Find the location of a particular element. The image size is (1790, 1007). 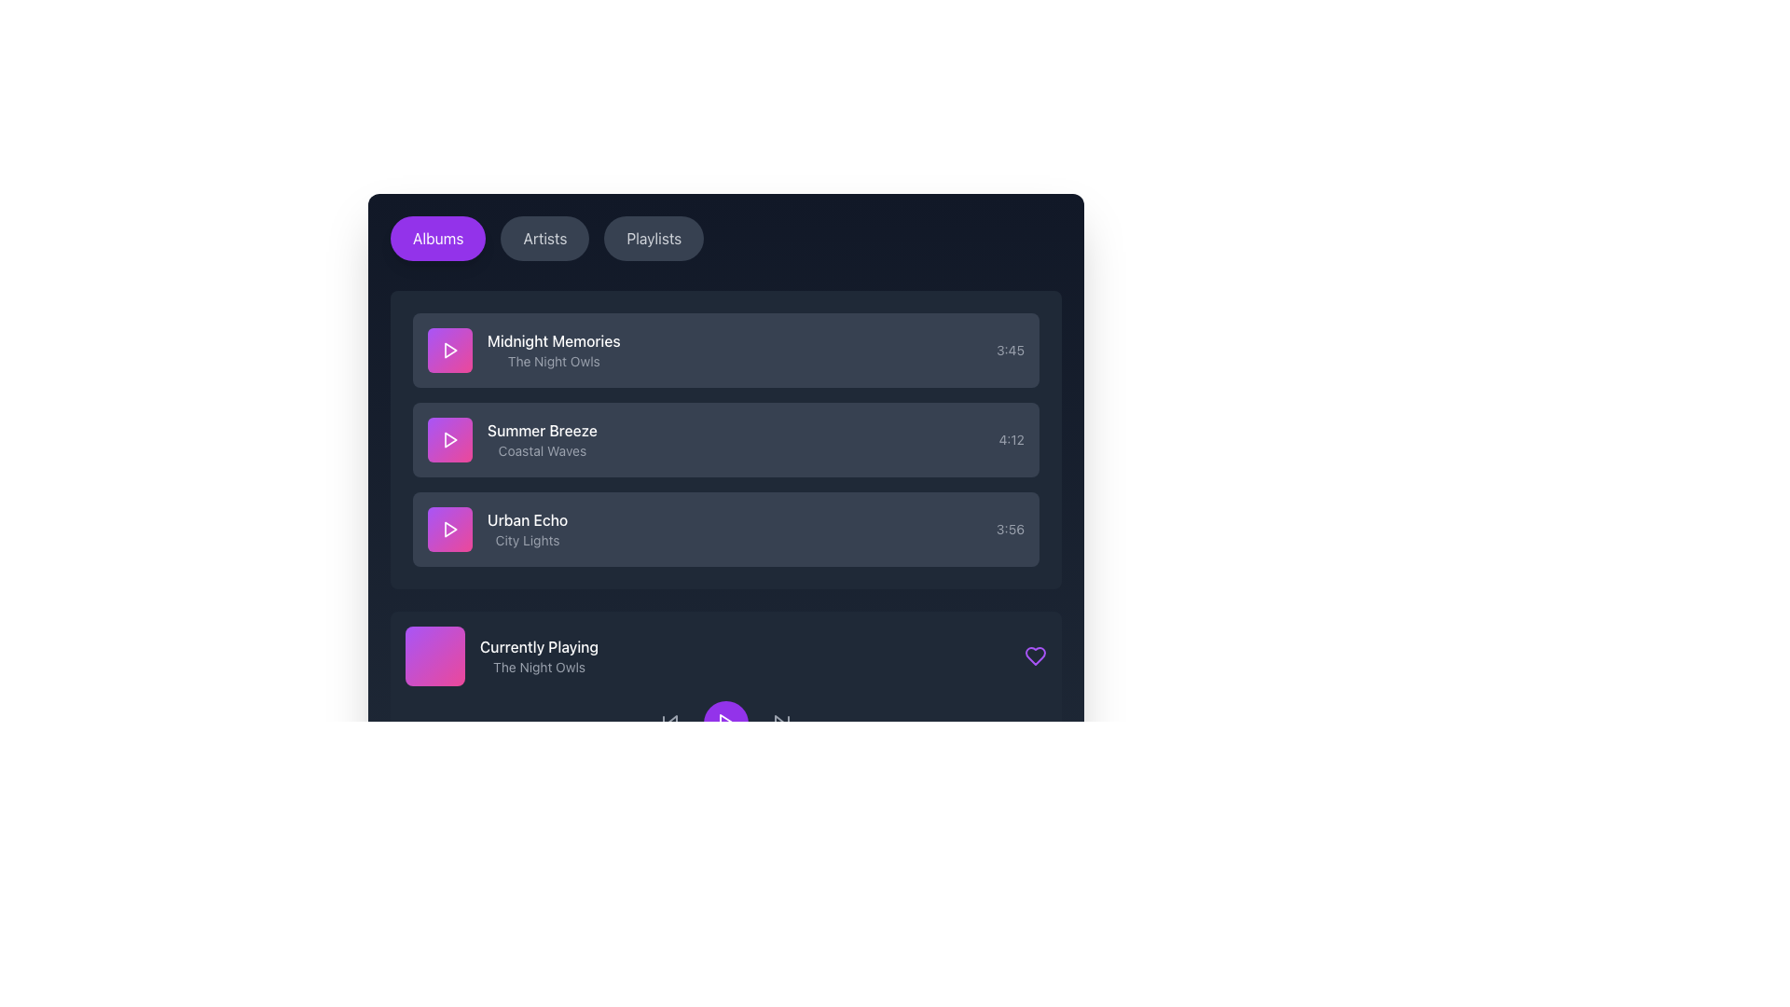

the play button on the 'Summer Breeze' media item card, which is the second row in the list, to play the audio is located at coordinates (724, 439).